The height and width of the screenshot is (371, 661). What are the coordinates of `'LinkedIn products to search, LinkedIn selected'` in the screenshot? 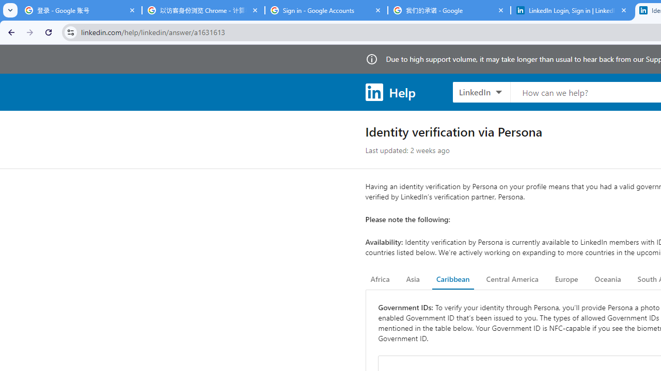 It's located at (481, 91).